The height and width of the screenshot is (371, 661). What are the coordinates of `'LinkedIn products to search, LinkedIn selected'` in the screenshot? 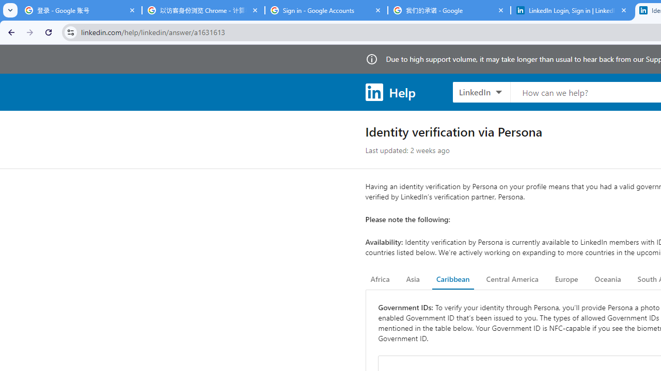 It's located at (481, 91).